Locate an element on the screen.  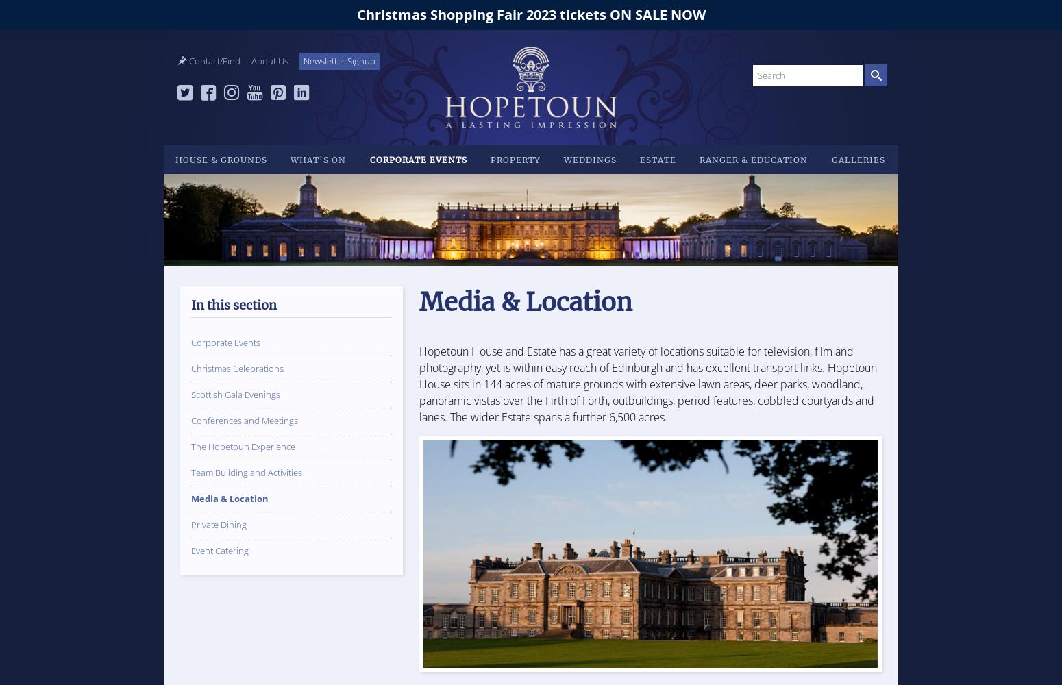
'The Hopetoun Experience' is located at coordinates (242, 447).